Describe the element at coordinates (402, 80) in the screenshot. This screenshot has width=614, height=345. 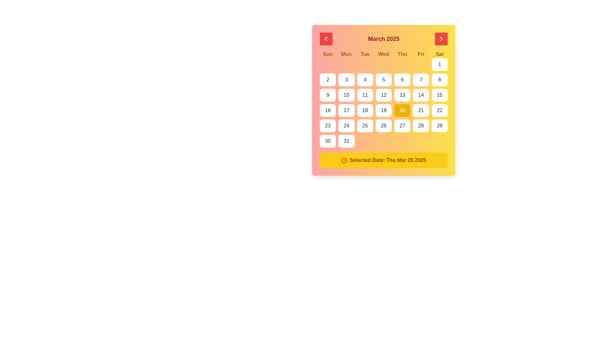
I see `the rectangular button displaying '6' in gray text, which is located in the third row and fifth column of the calendar grid for the month of March 2025` at that location.